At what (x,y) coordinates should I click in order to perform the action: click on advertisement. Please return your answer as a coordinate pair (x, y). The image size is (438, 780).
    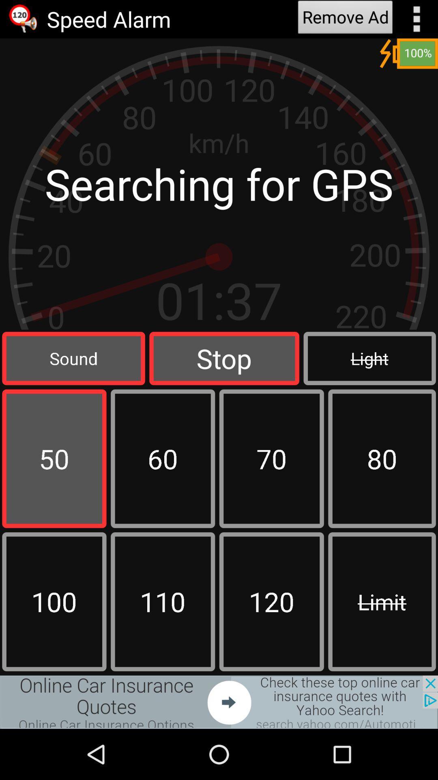
    Looking at the image, I should click on (219, 702).